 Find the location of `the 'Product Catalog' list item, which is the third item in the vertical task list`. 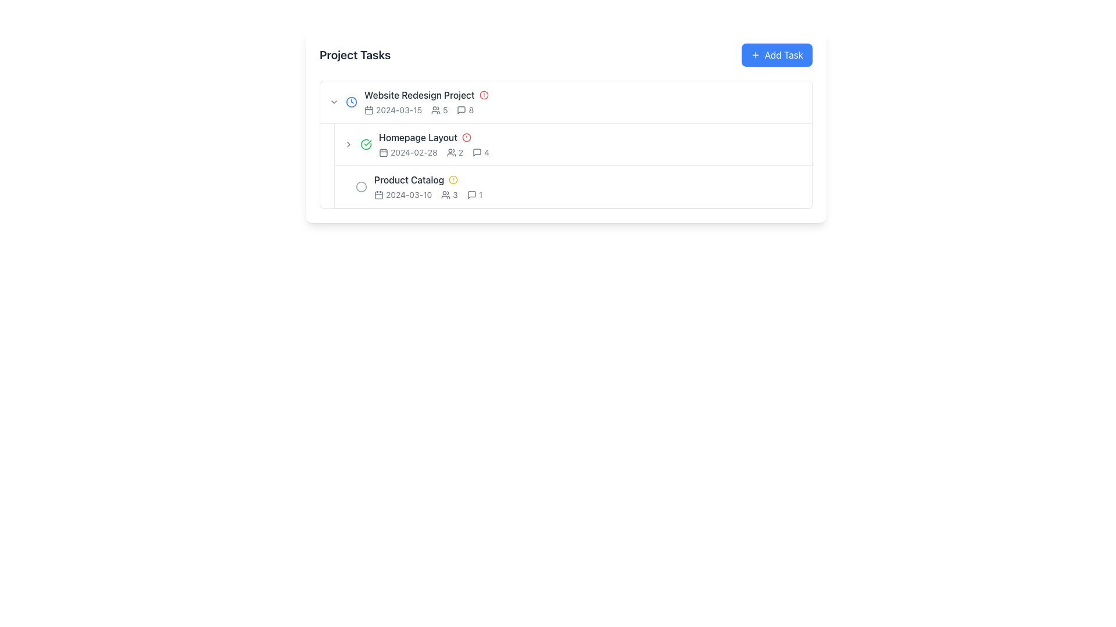

the 'Product Catalog' list item, which is the third item in the vertical task list is located at coordinates (573, 186).